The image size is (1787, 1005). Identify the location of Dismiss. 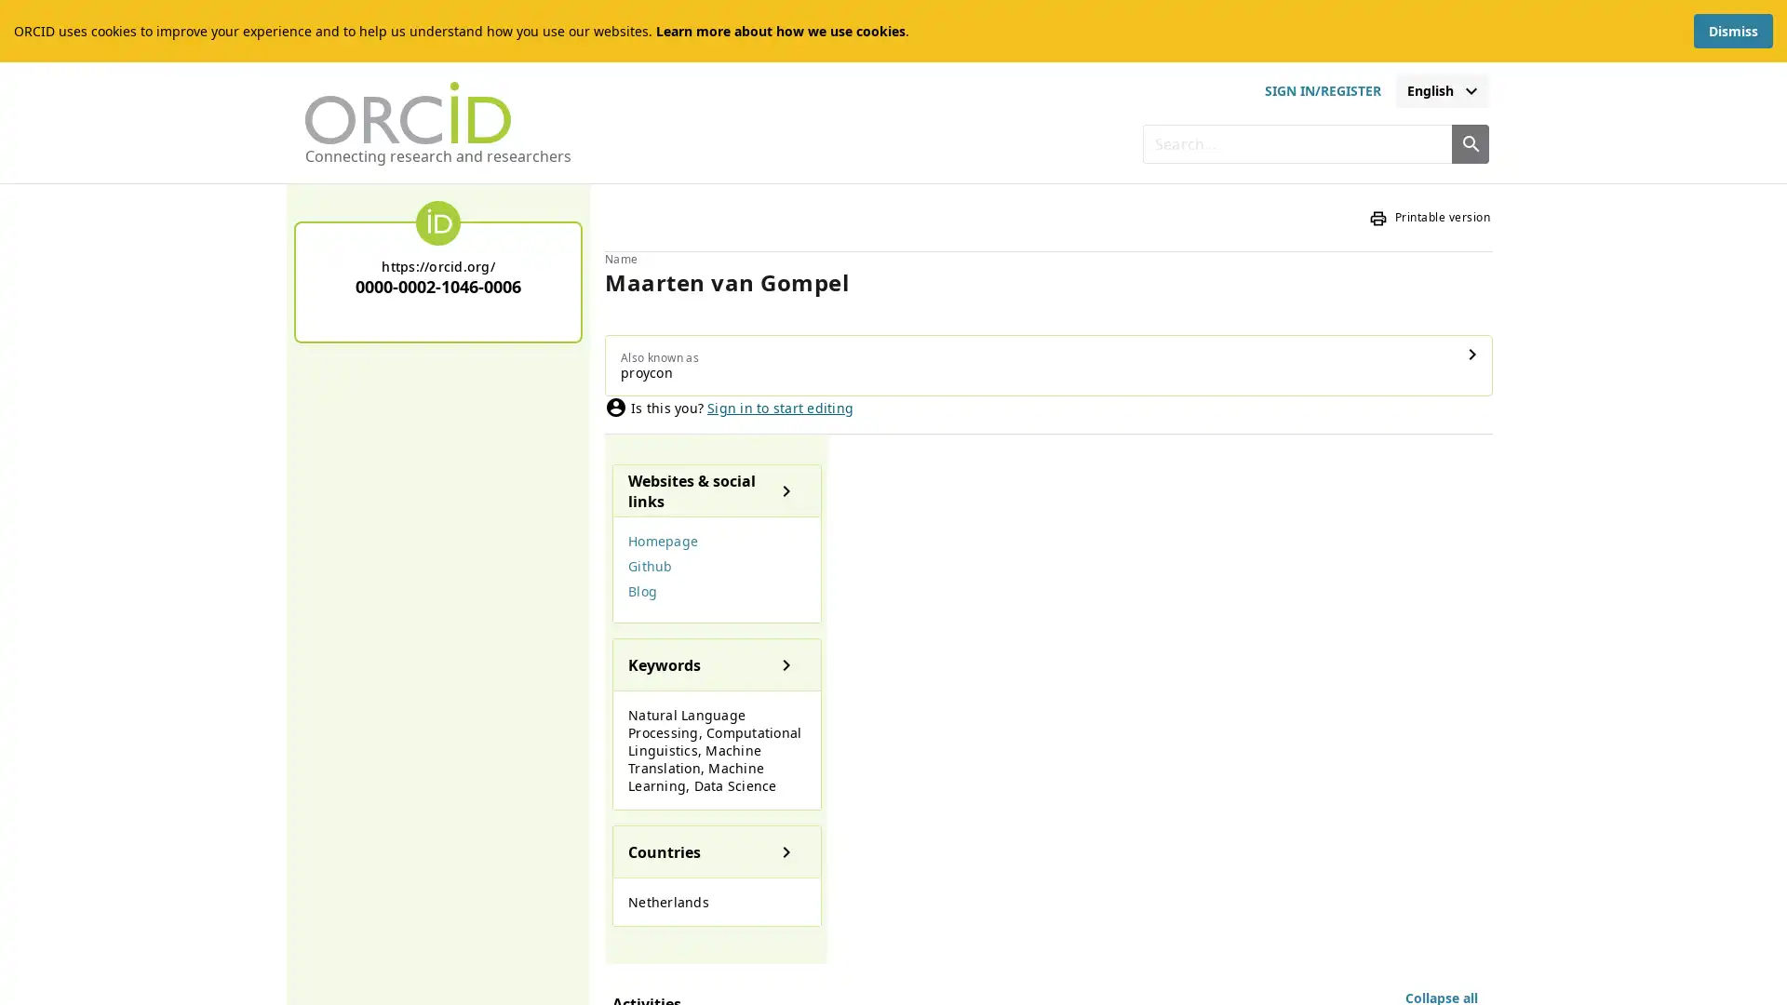
(1732, 31).